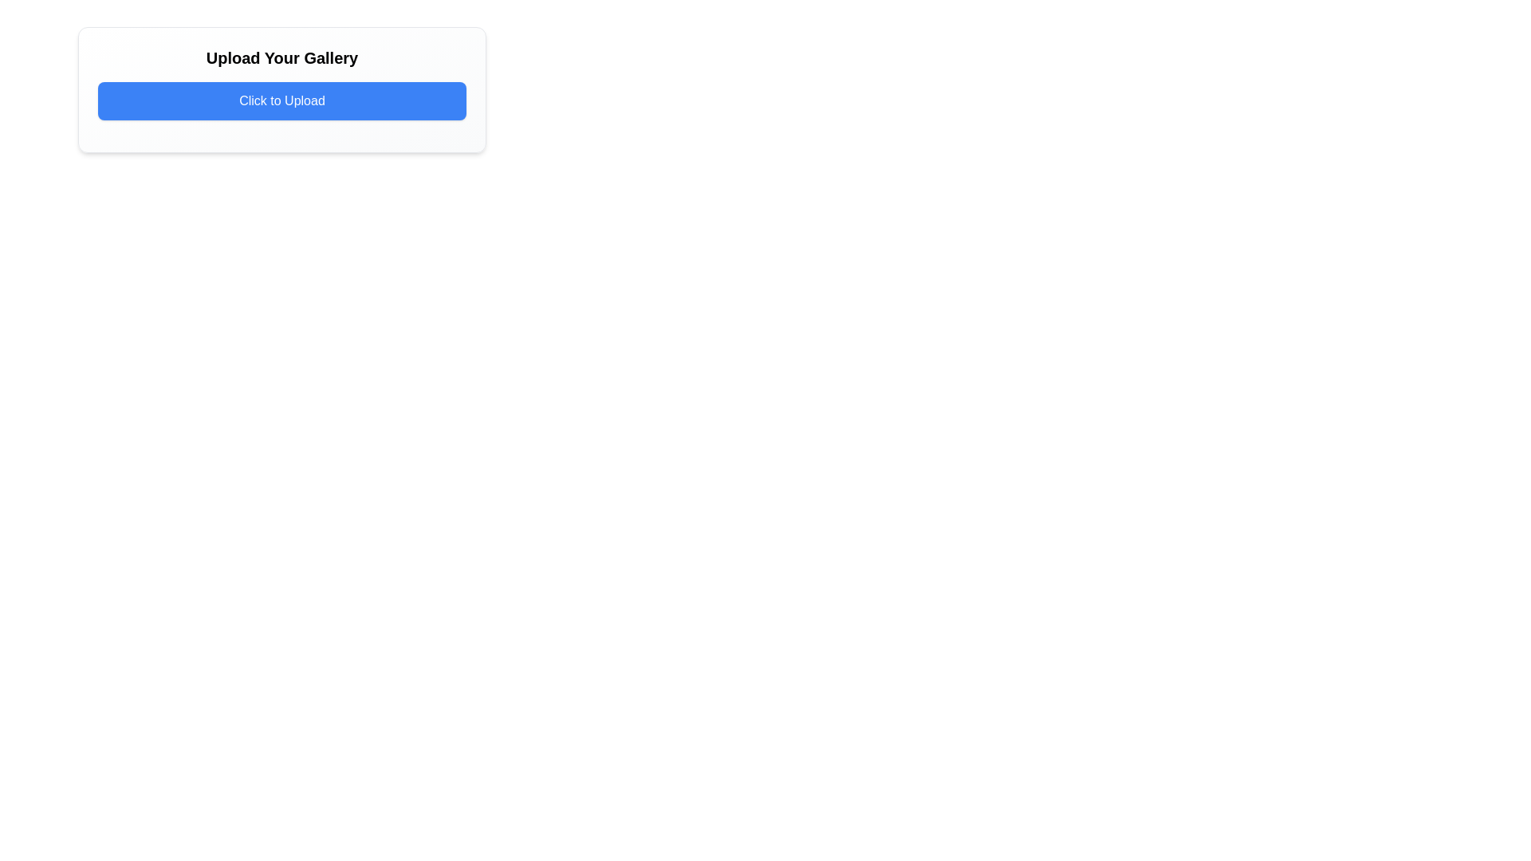 This screenshot has height=861, width=1531. What do you see at coordinates (282, 101) in the screenshot?
I see `the interactive upload button located below the heading 'Upload Your Gallery'` at bounding box center [282, 101].